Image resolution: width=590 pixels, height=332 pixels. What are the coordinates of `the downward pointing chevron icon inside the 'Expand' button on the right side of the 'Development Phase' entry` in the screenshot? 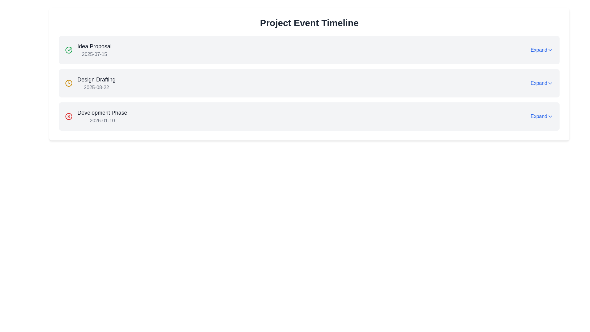 It's located at (550, 116).